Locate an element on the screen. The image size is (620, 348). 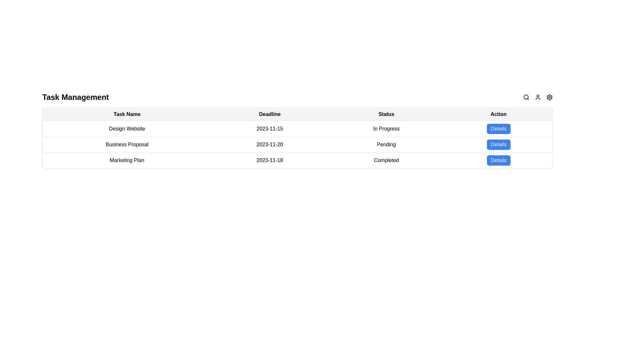
the button located at the far right of the 'Business Proposal' row in the table is located at coordinates (498, 144).